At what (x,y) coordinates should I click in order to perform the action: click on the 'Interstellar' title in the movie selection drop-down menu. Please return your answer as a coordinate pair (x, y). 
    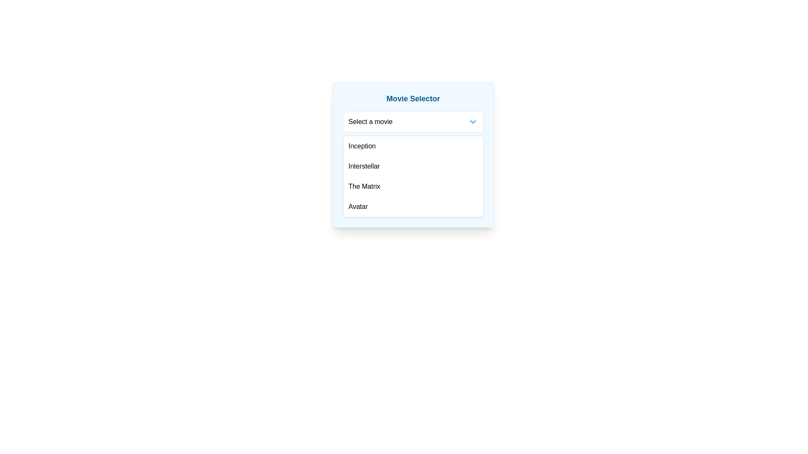
    Looking at the image, I should click on (364, 166).